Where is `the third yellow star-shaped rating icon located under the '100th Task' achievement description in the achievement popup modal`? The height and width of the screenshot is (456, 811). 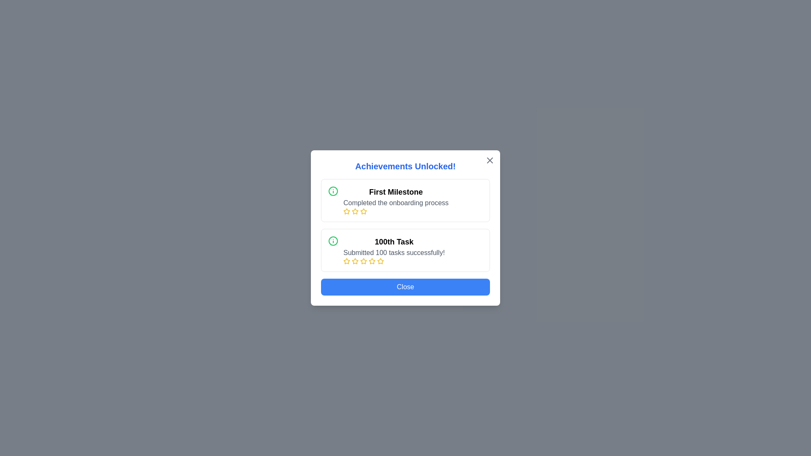 the third yellow star-shaped rating icon located under the '100th Task' achievement description in the achievement popup modal is located at coordinates (355, 261).